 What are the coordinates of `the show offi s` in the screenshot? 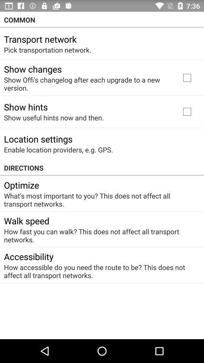 It's located at (87, 84).